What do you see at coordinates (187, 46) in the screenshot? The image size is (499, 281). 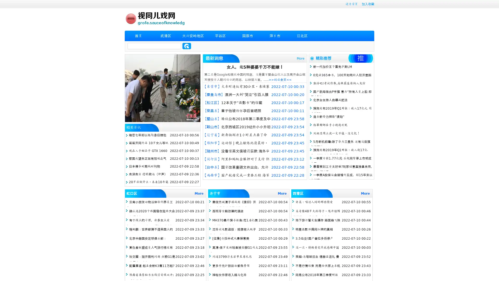 I see `Search` at bounding box center [187, 46].